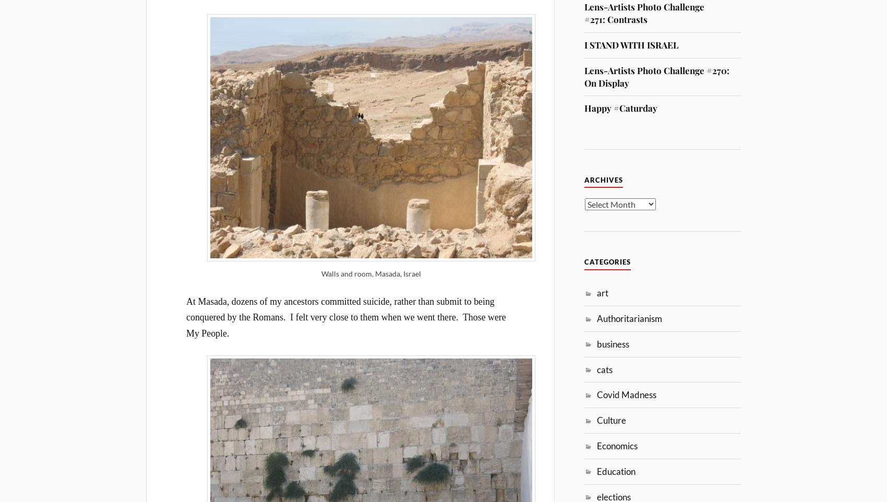  I want to click on 'Economics', so click(617, 445).